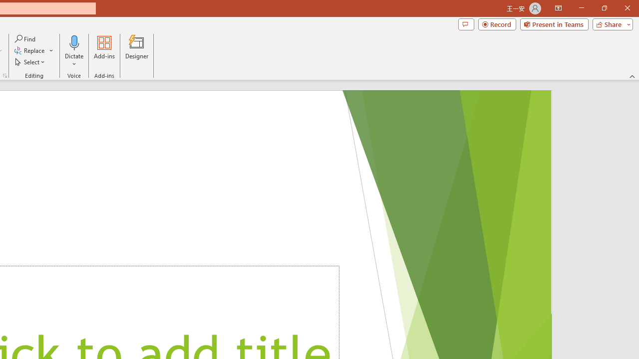 The width and height of the screenshot is (639, 359). Describe the element at coordinates (604, 8) in the screenshot. I see `'Restore Down'` at that location.